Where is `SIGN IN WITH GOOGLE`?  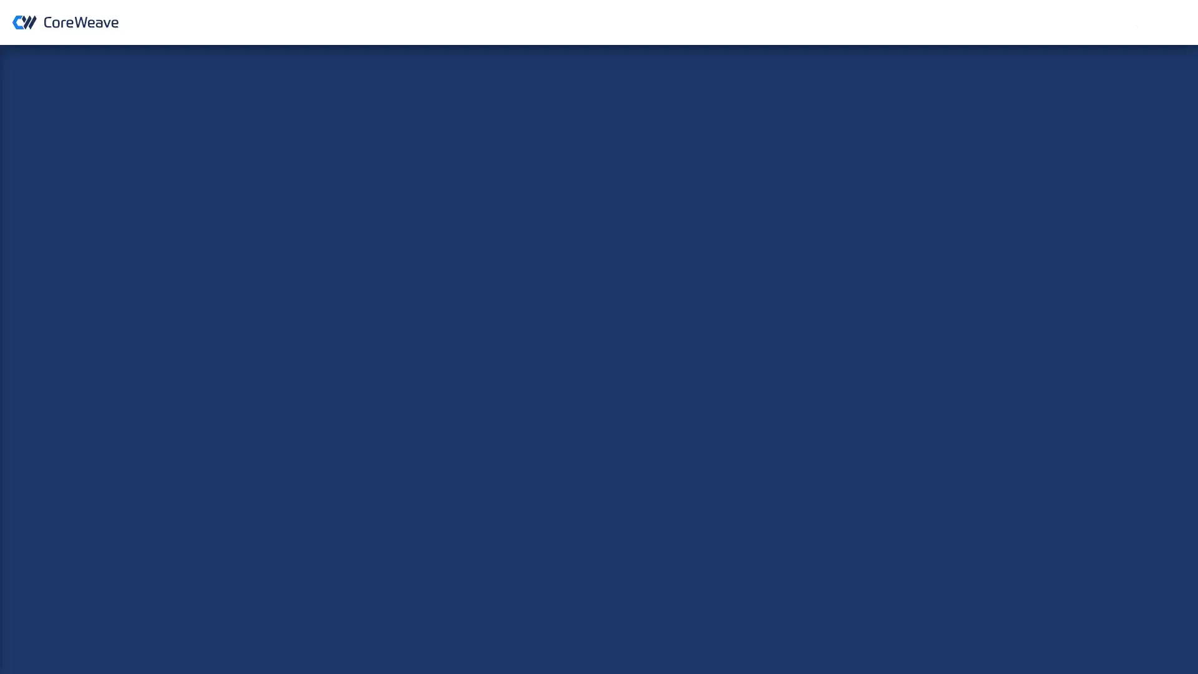
SIGN IN WITH GOOGLE is located at coordinates (598, 368).